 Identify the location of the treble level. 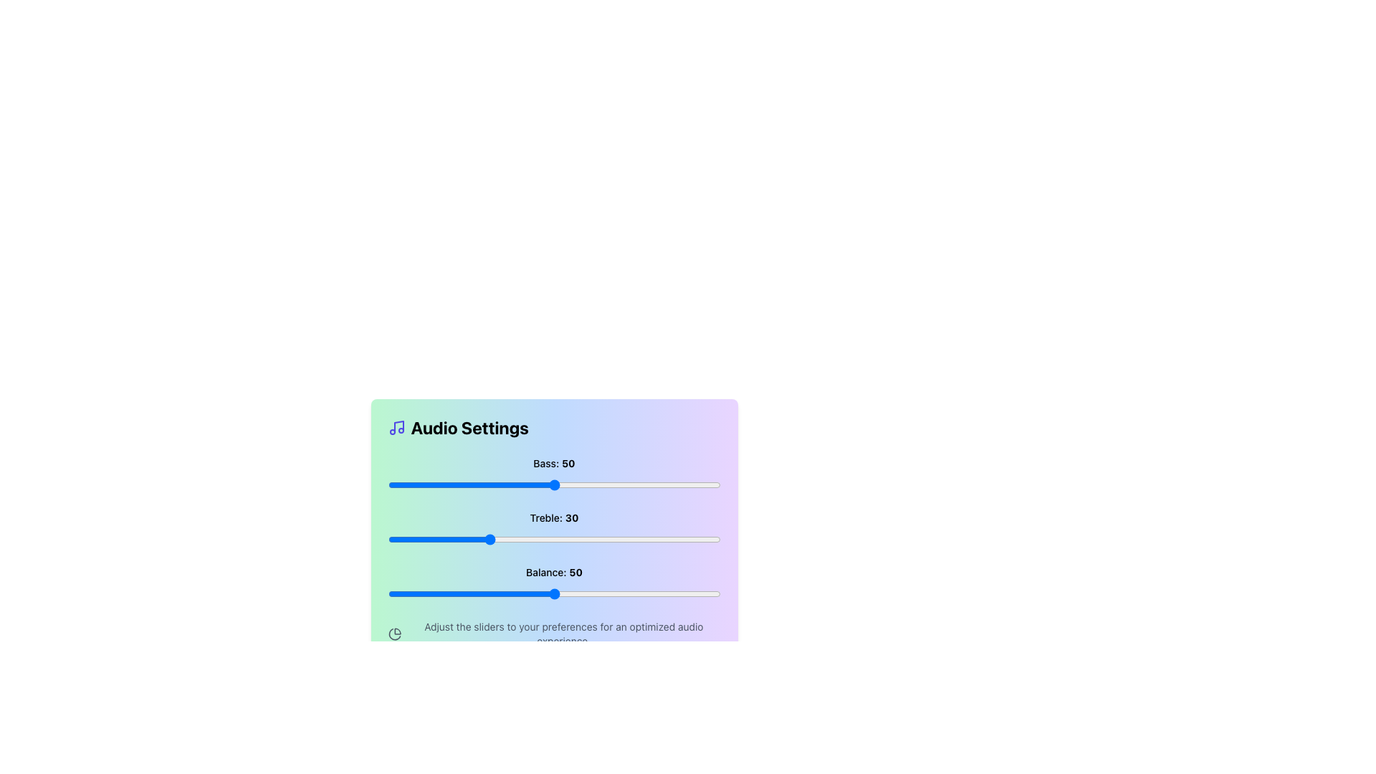
(407, 539).